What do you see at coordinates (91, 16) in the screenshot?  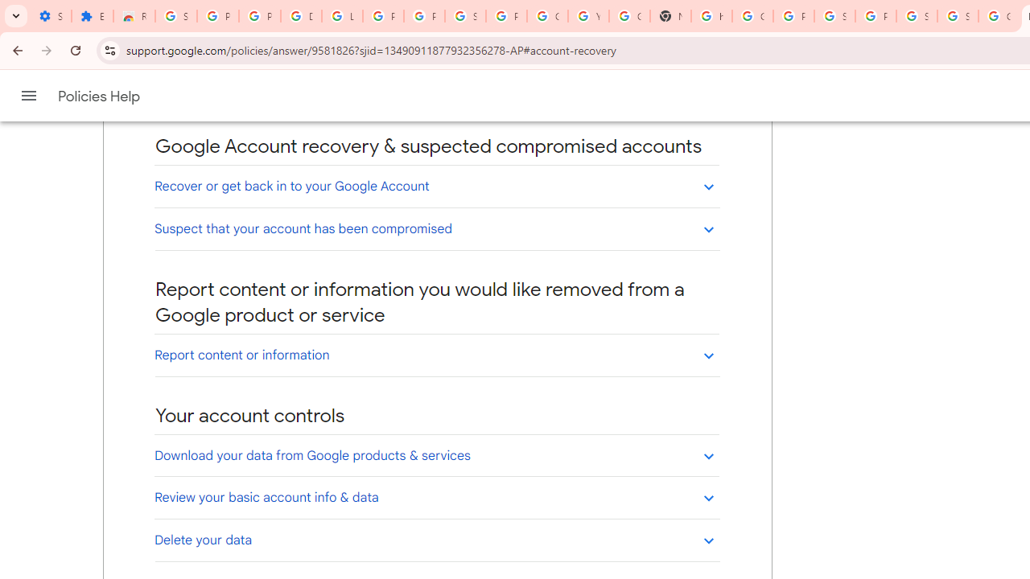 I see `'Extensions'` at bounding box center [91, 16].